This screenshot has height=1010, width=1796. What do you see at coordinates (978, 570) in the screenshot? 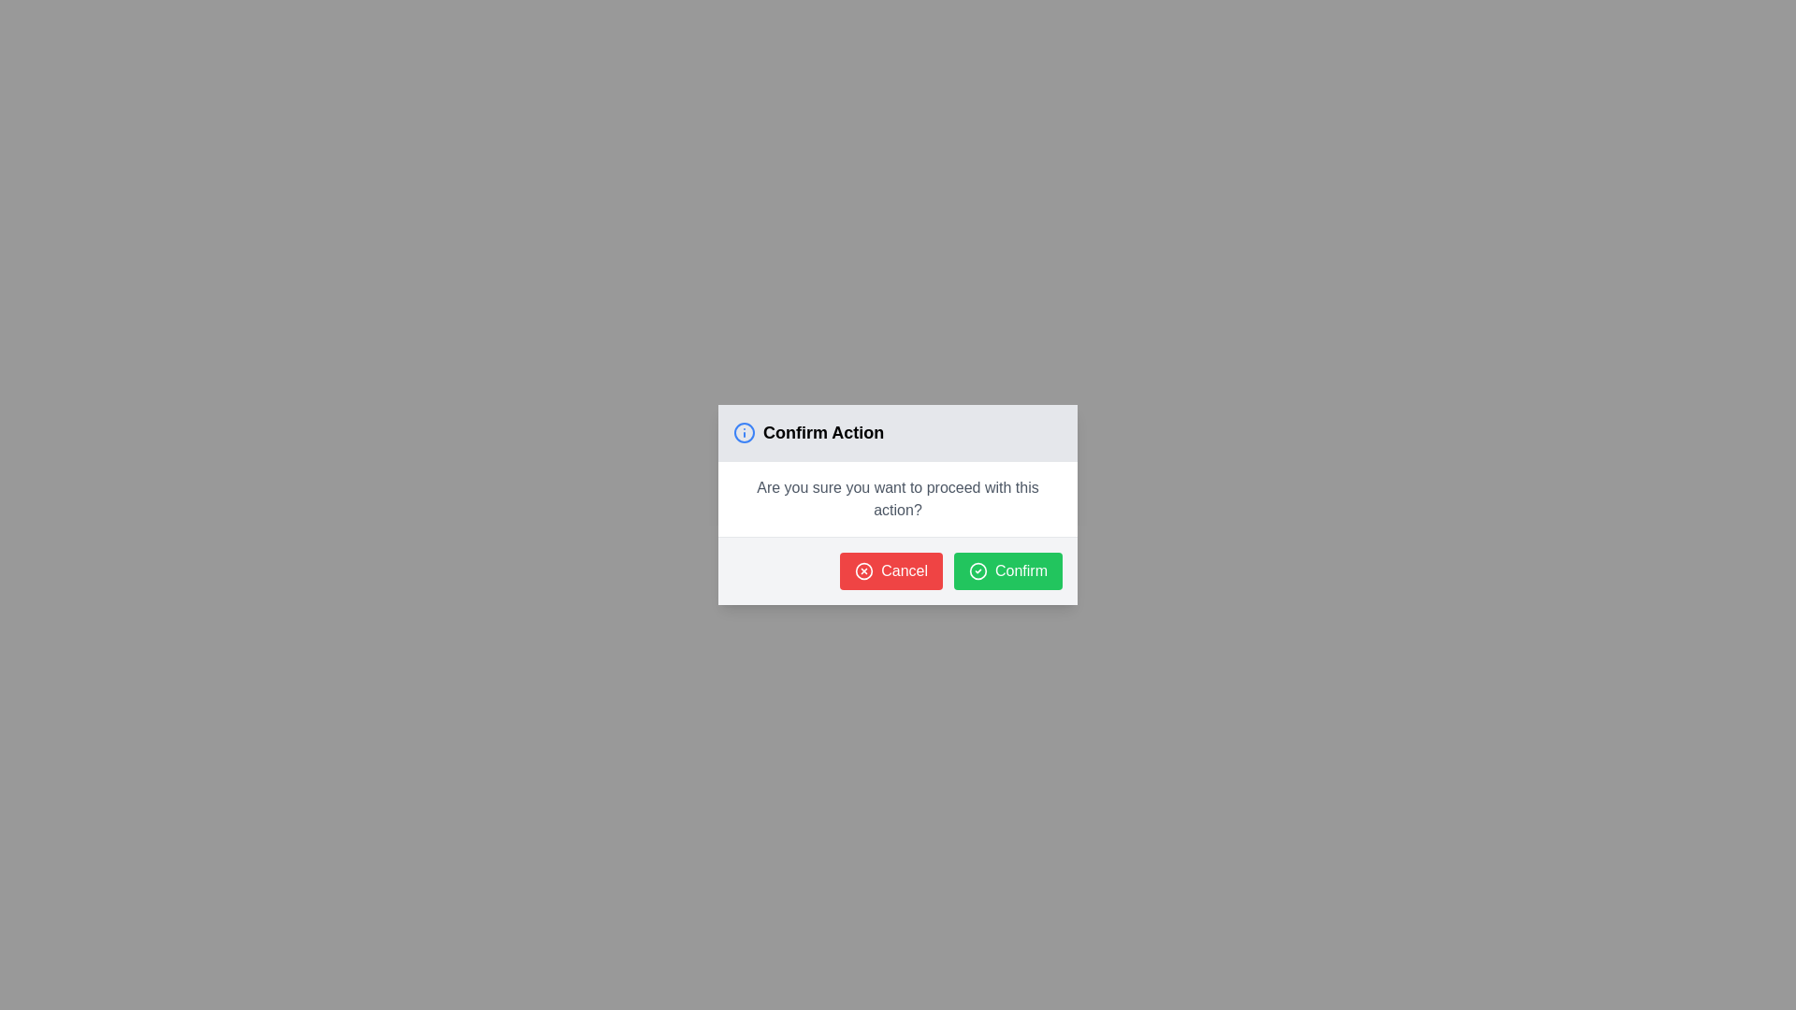
I see `the circular green check mark icon located to the left of the 'Confirm' label text inside the green rectangular button at the bottom right of the dialog box` at bounding box center [978, 570].